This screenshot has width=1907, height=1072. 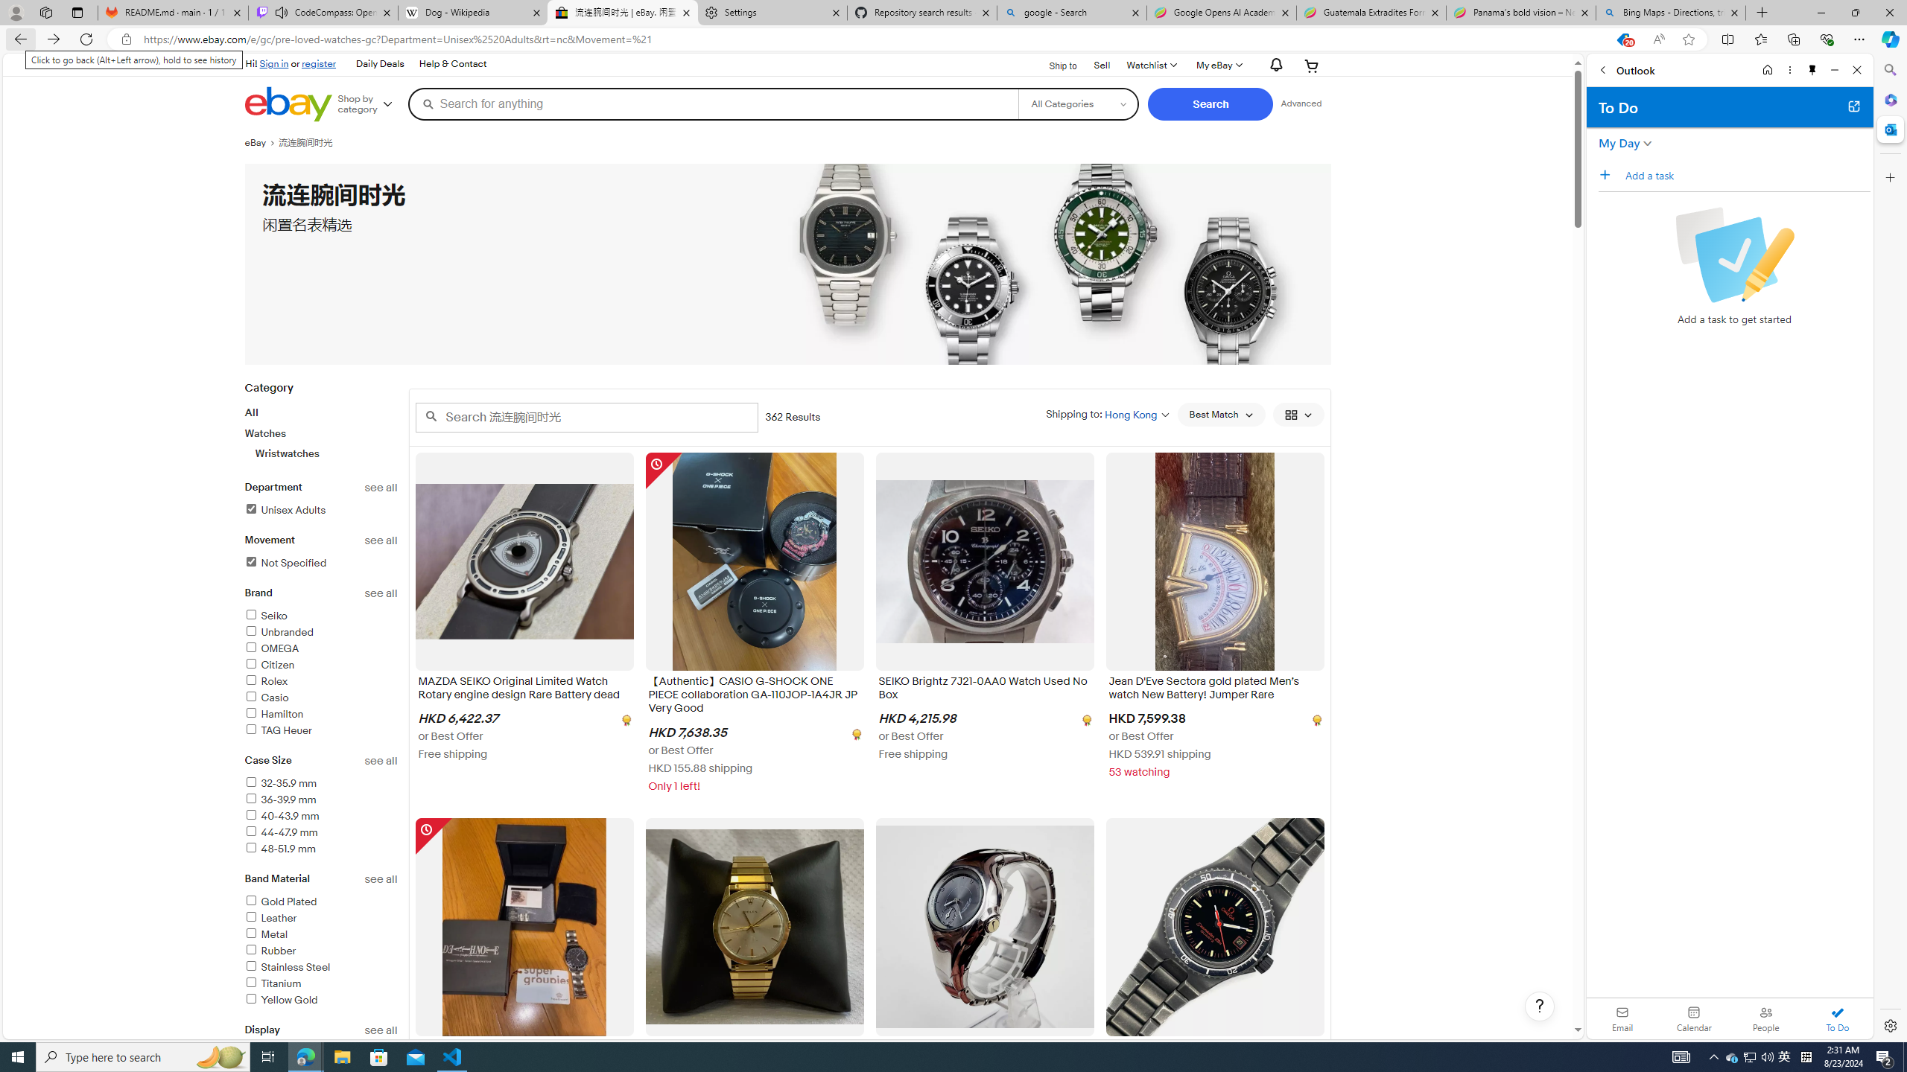 What do you see at coordinates (321, 665) in the screenshot?
I see `'Citizen'` at bounding box center [321, 665].